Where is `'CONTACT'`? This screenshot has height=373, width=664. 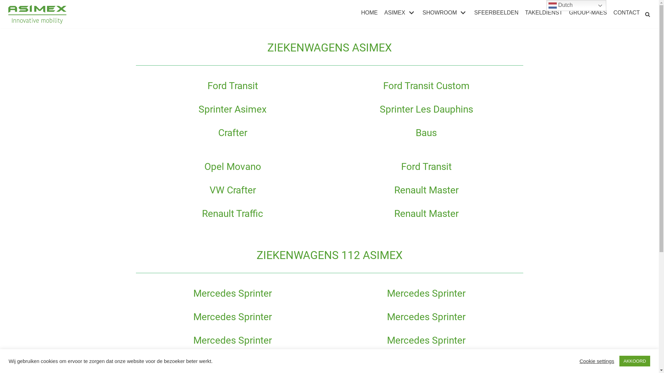 'CONTACT' is located at coordinates (626, 13).